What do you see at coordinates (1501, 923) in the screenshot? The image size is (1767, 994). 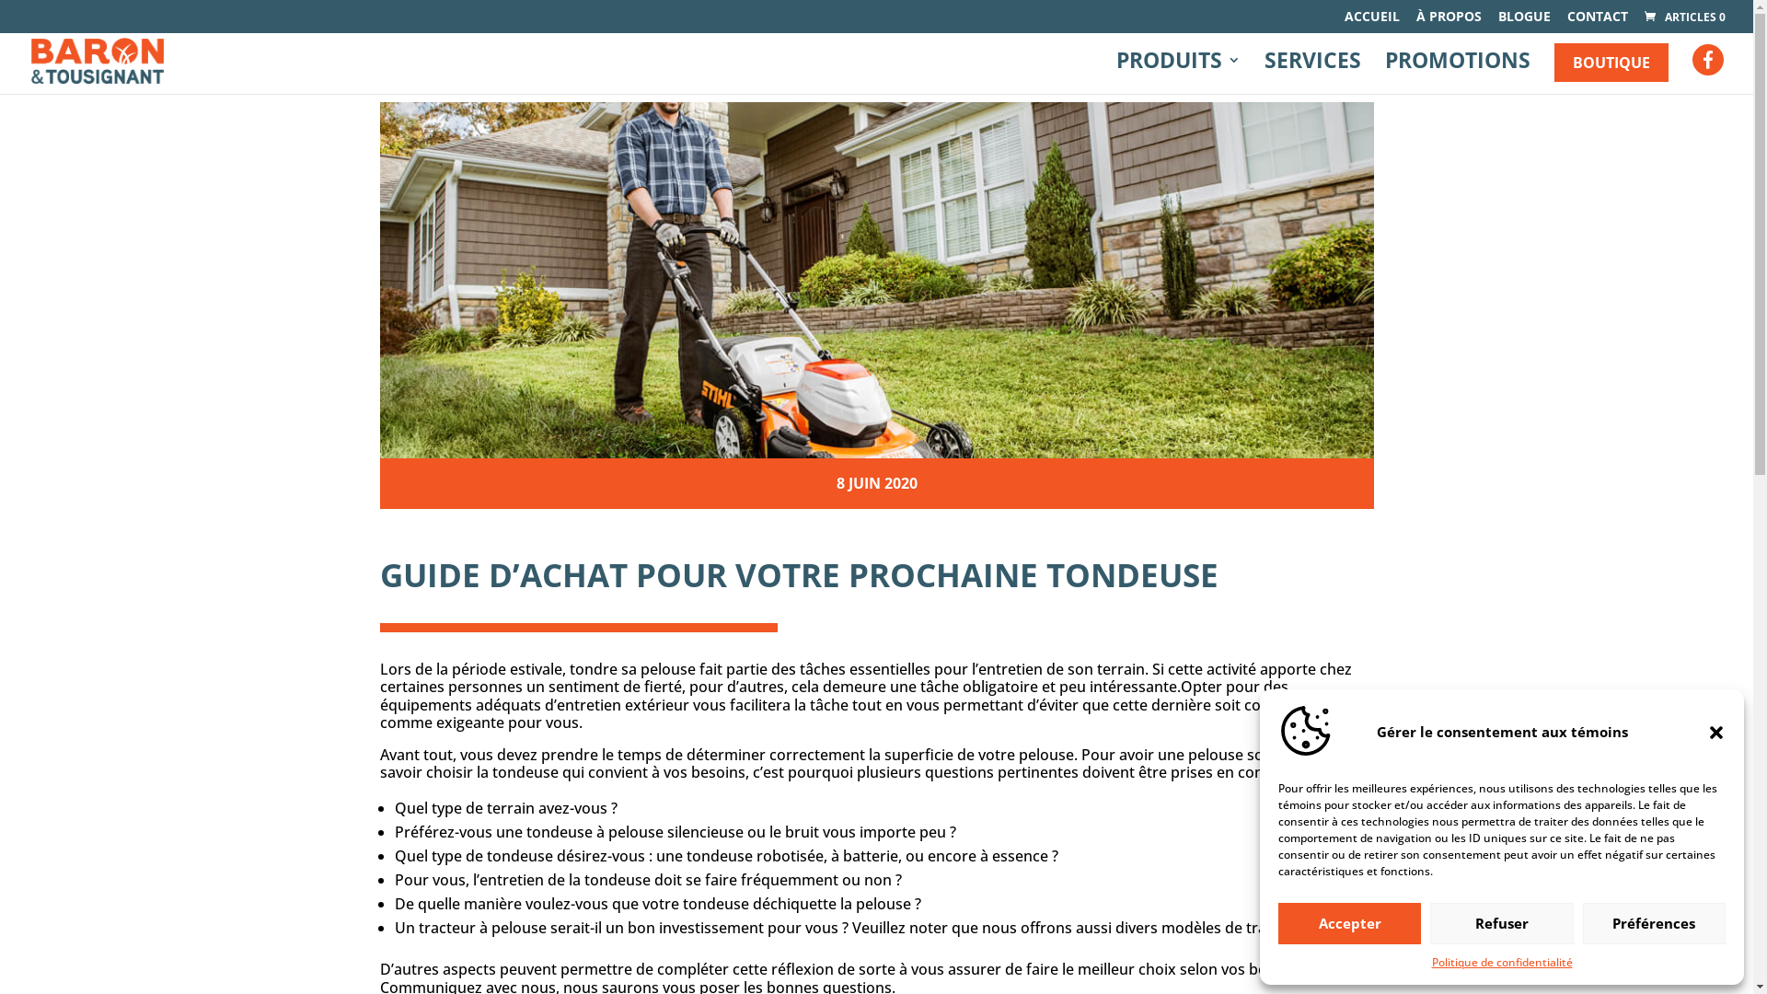 I see `'Refuser'` at bounding box center [1501, 923].